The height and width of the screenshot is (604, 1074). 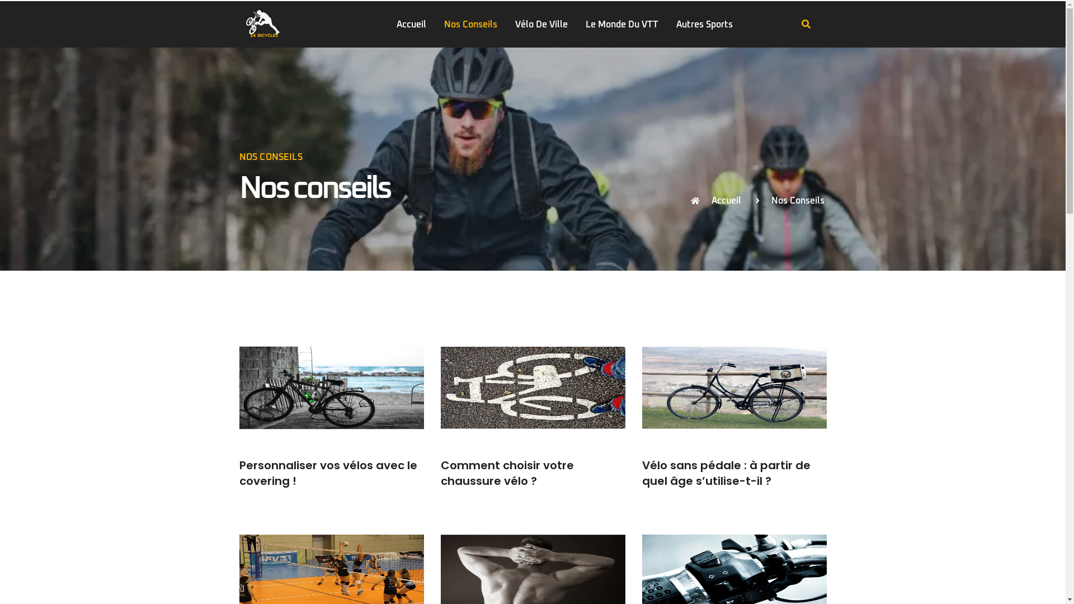 I want to click on 'Nos Conseils', so click(x=470, y=24).